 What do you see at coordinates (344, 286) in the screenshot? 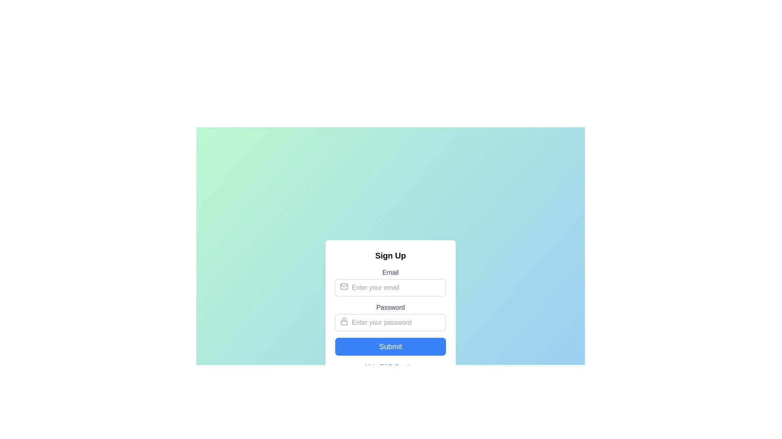
I see `the decorative rectangle that represents the body of the envelope icon, located immediately to the left of the 'Enter your email' text input field in the sign-up form` at bounding box center [344, 286].